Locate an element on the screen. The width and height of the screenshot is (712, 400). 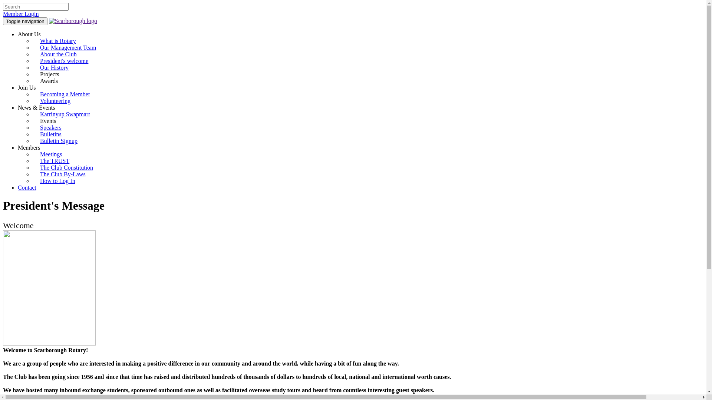
'About the Club' is located at coordinates (58, 54).